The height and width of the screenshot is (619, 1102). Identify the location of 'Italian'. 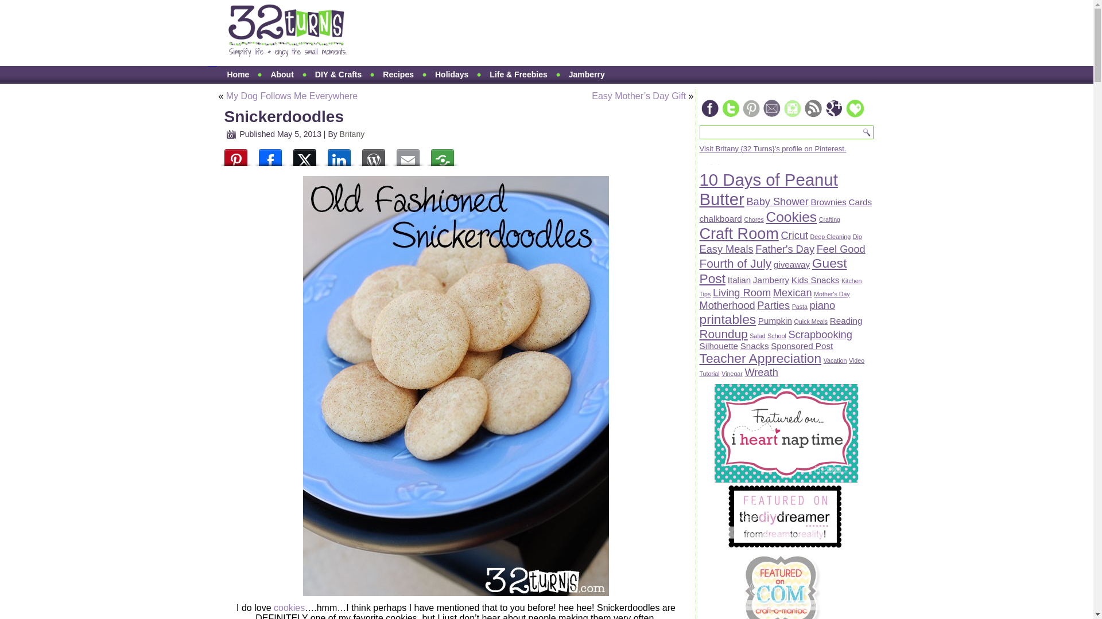
(727, 280).